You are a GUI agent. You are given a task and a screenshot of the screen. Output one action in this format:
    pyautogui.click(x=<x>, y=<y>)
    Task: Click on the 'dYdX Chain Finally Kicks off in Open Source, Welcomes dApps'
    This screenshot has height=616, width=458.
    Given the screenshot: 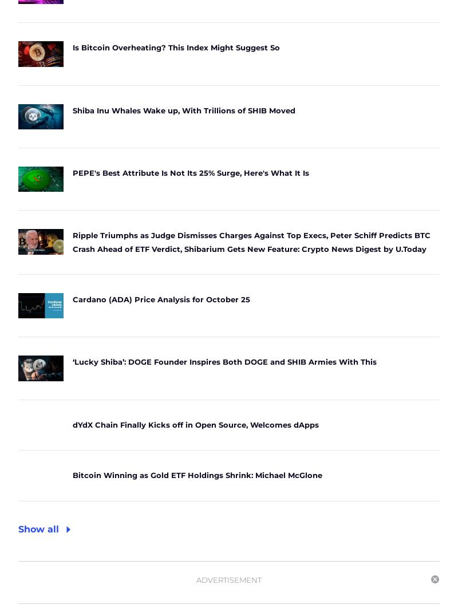 What is the action you would take?
    pyautogui.click(x=196, y=424)
    